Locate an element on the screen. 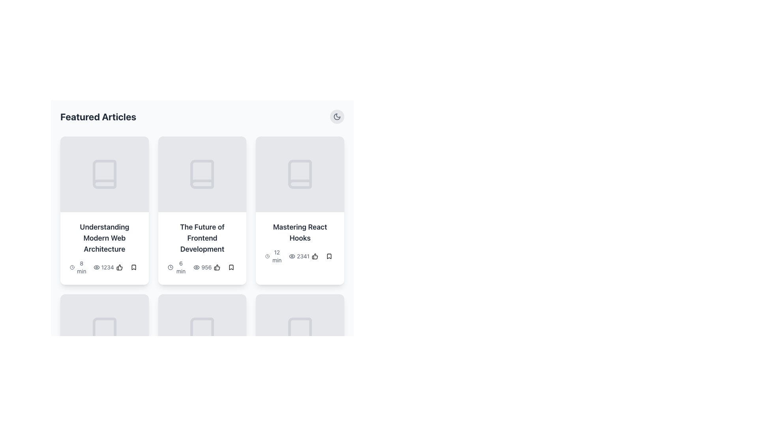 This screenshot has height=426, width=758. the bookmarking icon in the bottom-right corner of the 'Mastering React Hooks' card is located at coordinates (329, 256).